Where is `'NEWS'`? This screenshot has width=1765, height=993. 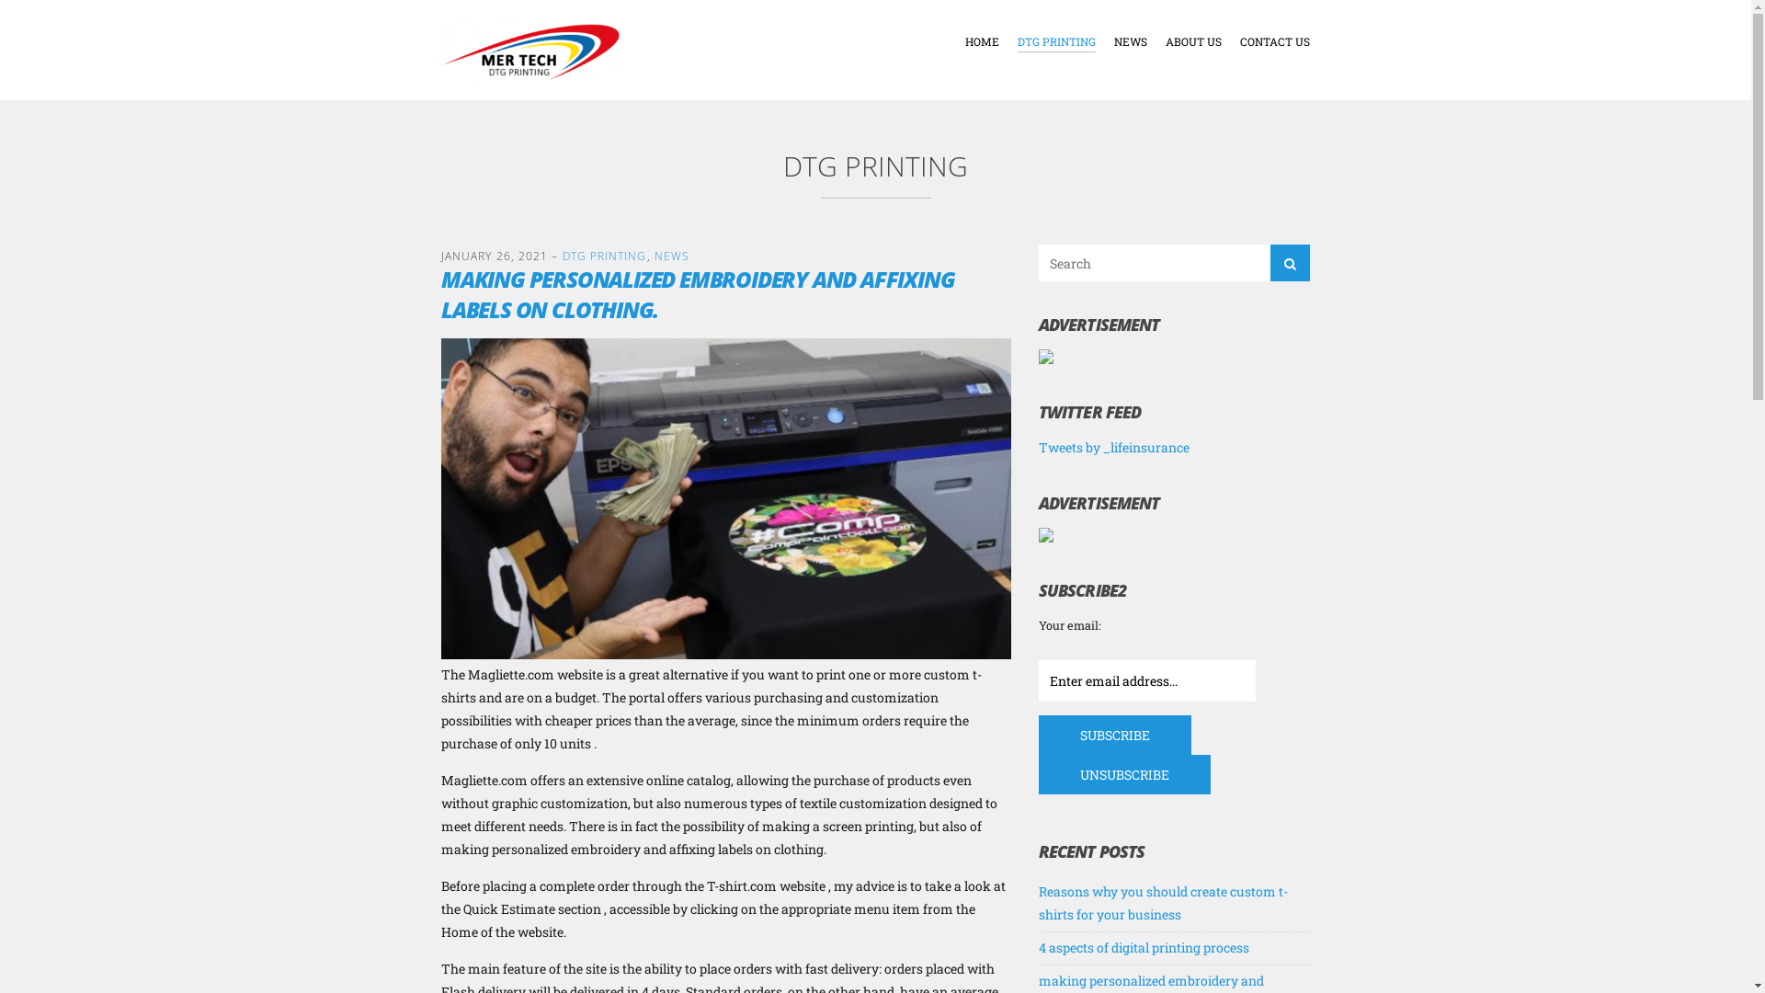
'NEWS' is located at coordinates (670, 256).